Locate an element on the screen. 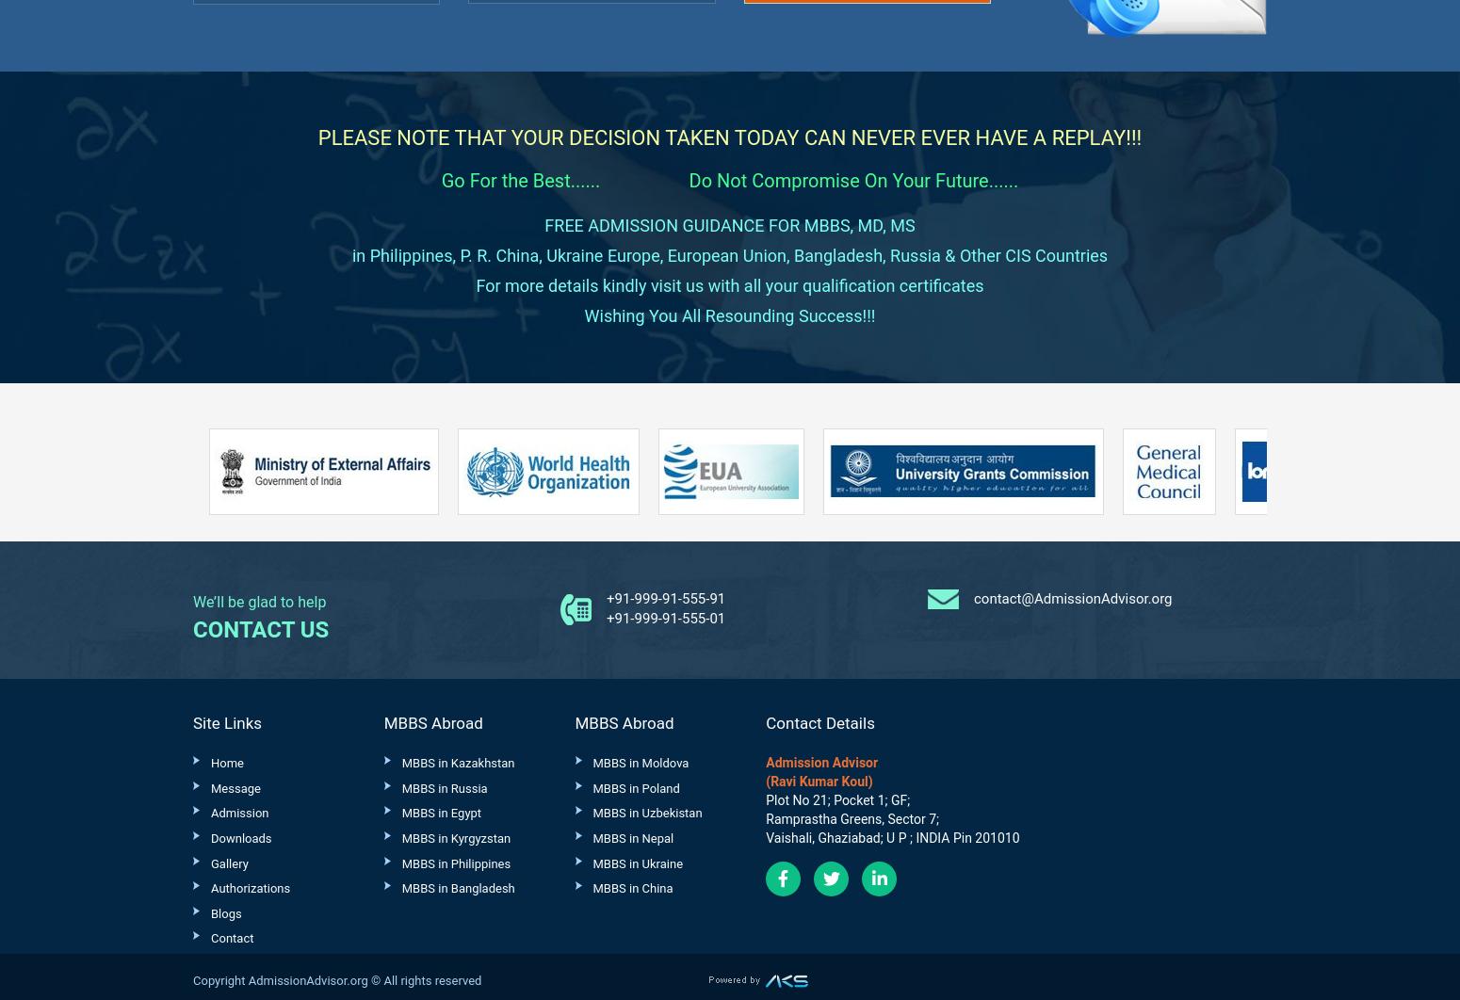 Image resolution: width=1460 pixels, height=1000 pixels. 'MBBS in Uzbekistan' is located at coordinates (645, 812).